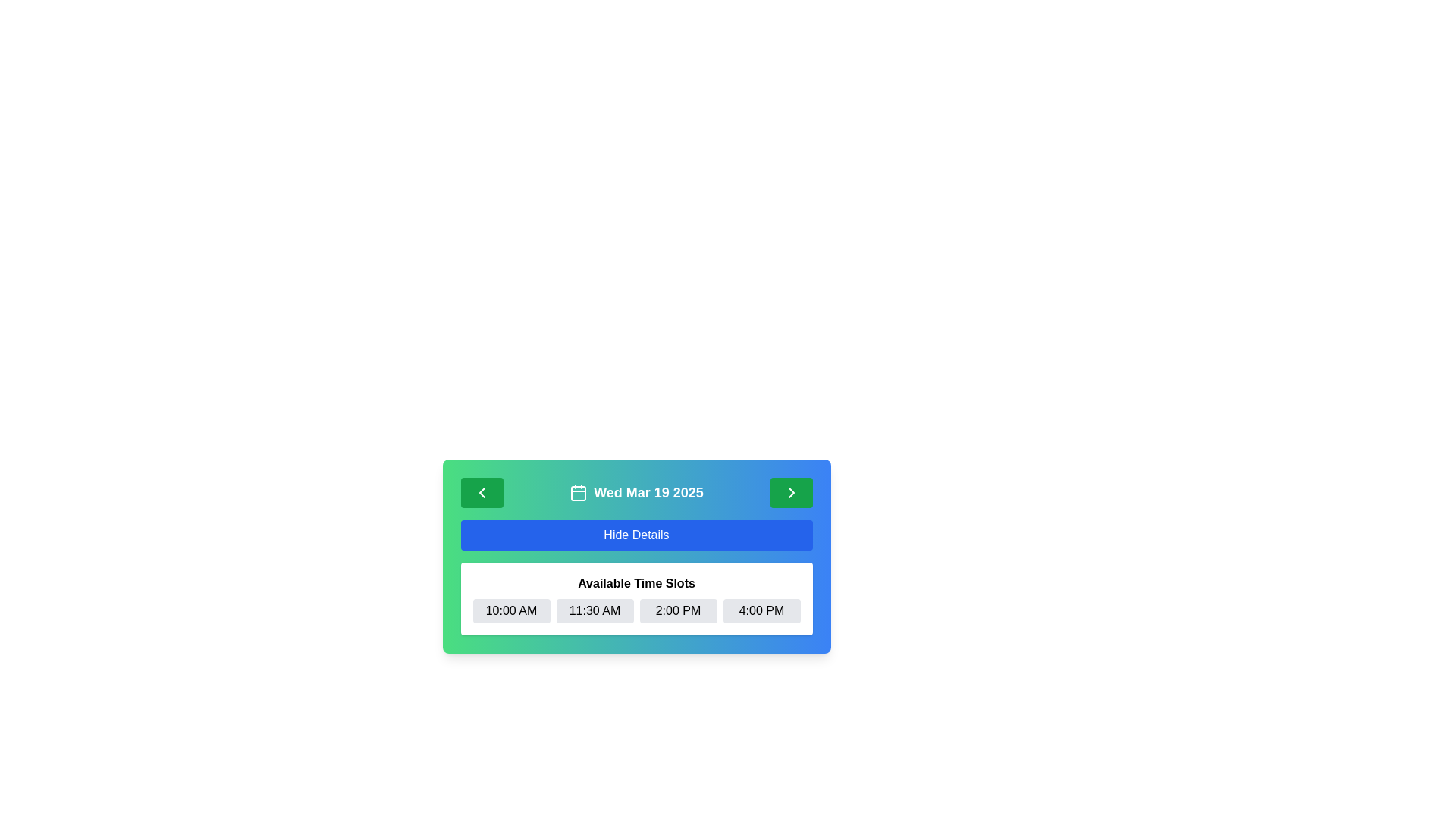 This screenshot has height=819, width=1456. I want to click on the small rectangular button labeled '4:00 PM' with a light gray background, so click(761, 610).